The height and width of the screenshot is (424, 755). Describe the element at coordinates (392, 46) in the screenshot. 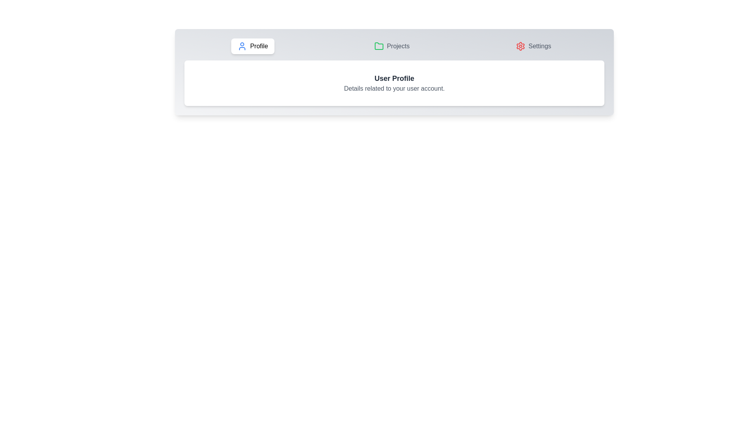

I see `the Projects tab by clicking on the corresponding tab button` at that location.